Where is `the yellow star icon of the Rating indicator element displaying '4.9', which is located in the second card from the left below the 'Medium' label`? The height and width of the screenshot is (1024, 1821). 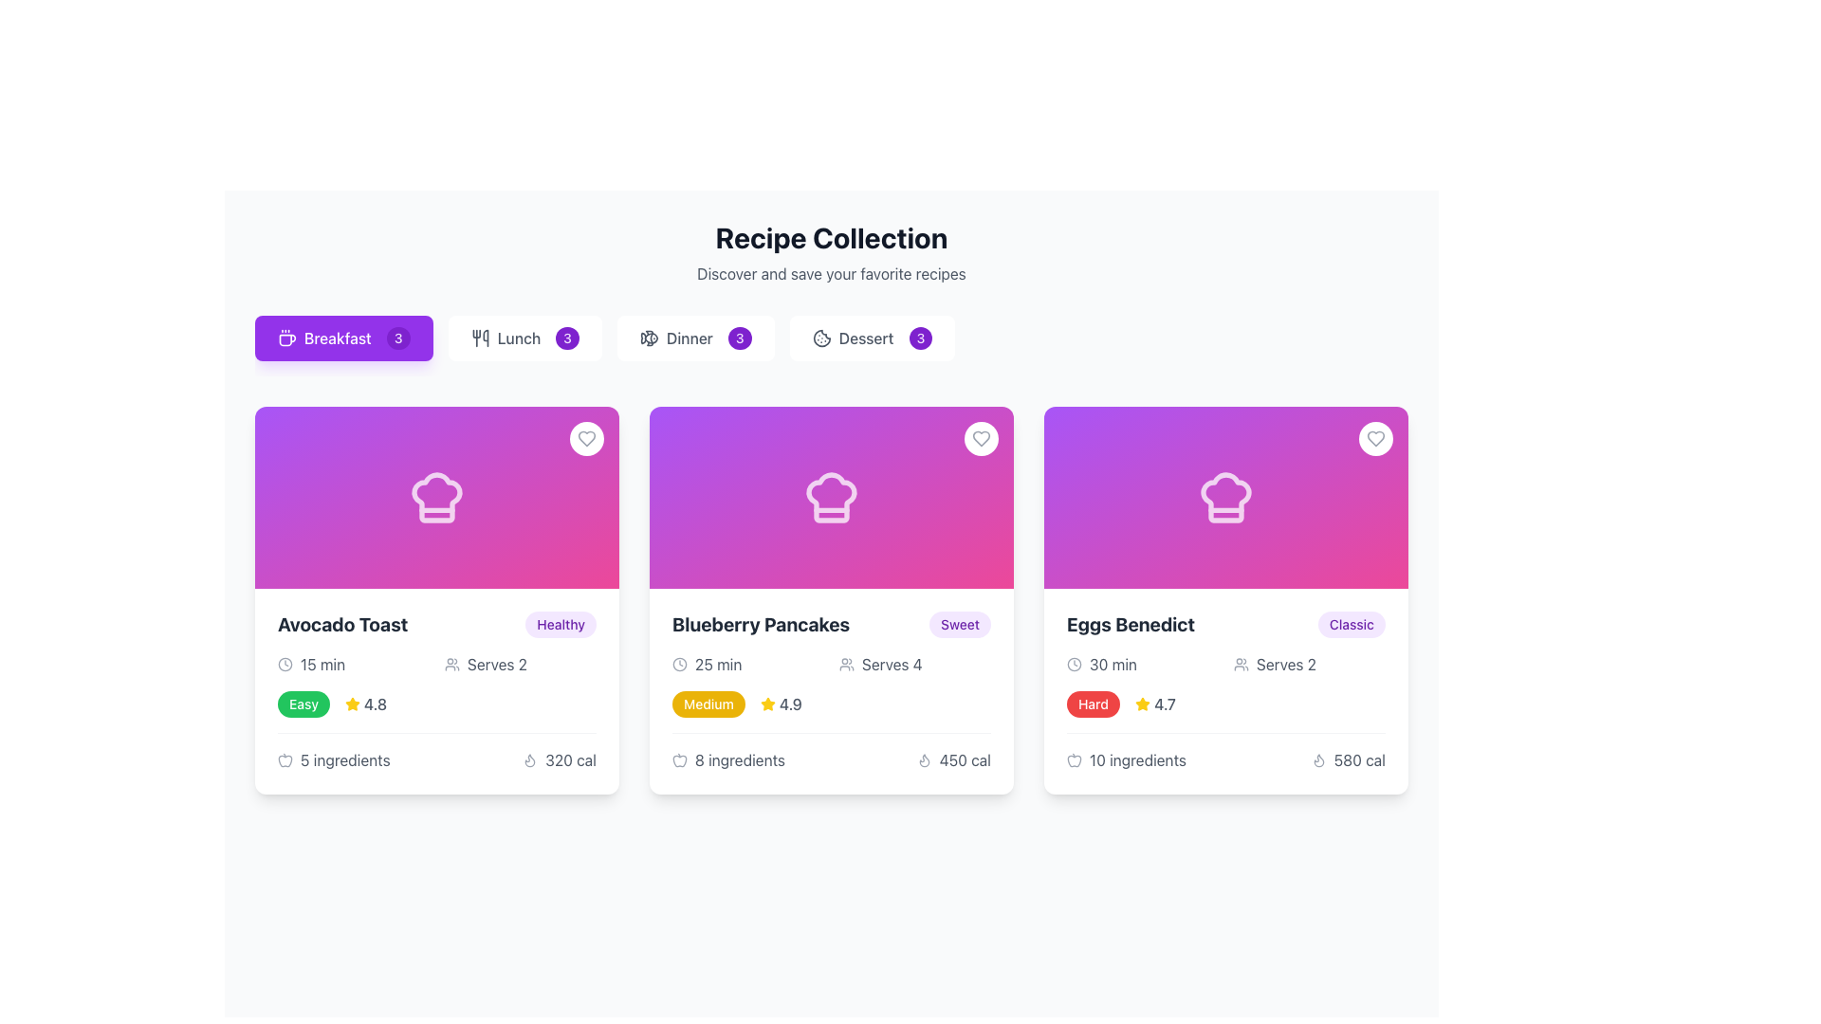
the yellow star icon of the Rating indicator element displaying '4.9', which is located in the second card from the left below the 'Medium' label is located at coordinates (781, 704).